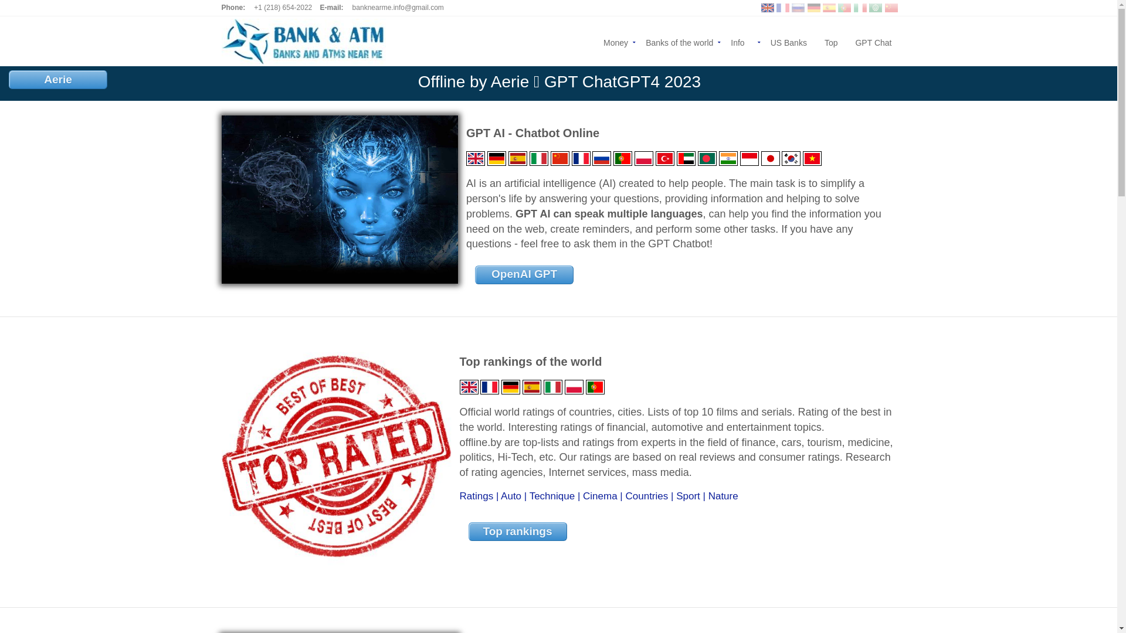 The height and width of the screenshot is (633, 1126). I want to click on 'GPT Chat', so click(846, 40).